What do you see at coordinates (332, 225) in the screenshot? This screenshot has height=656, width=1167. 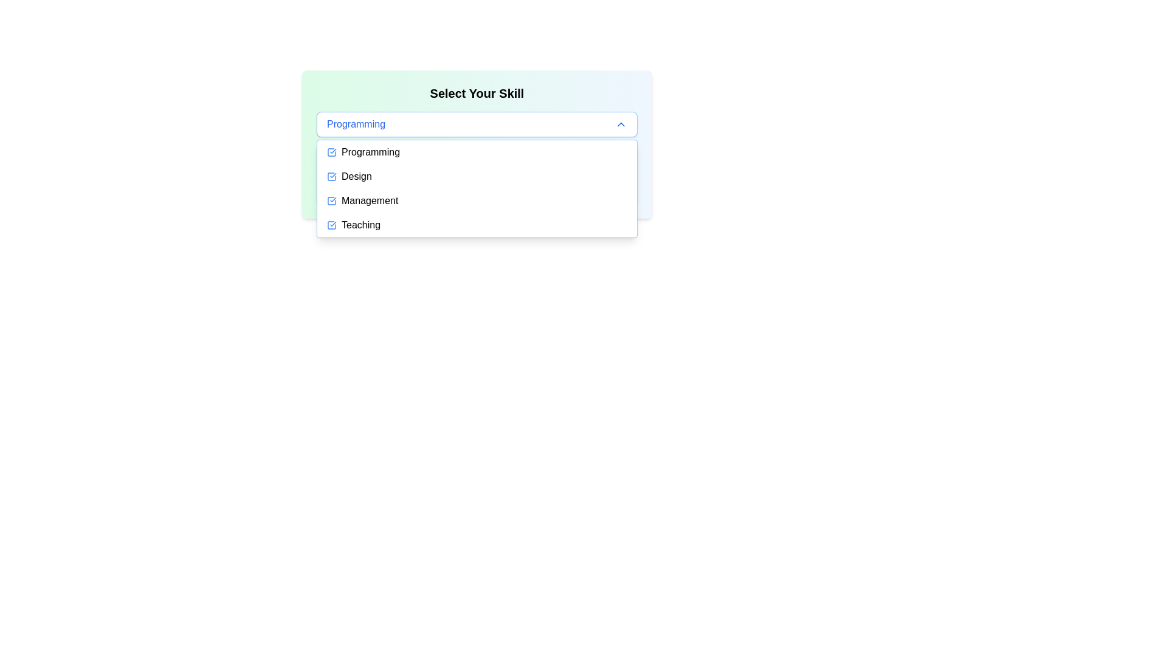 I see `the blue checkmark icon` at bounding box center [332, 225].